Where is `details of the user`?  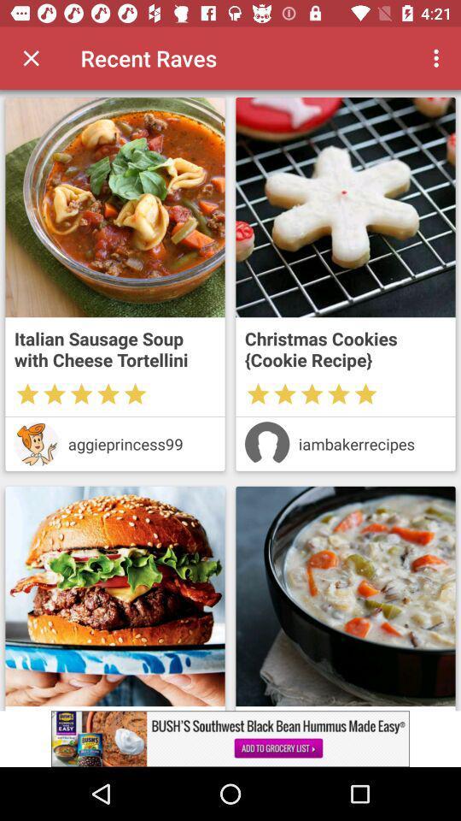
details of the user is located at coordinates (267, 443).